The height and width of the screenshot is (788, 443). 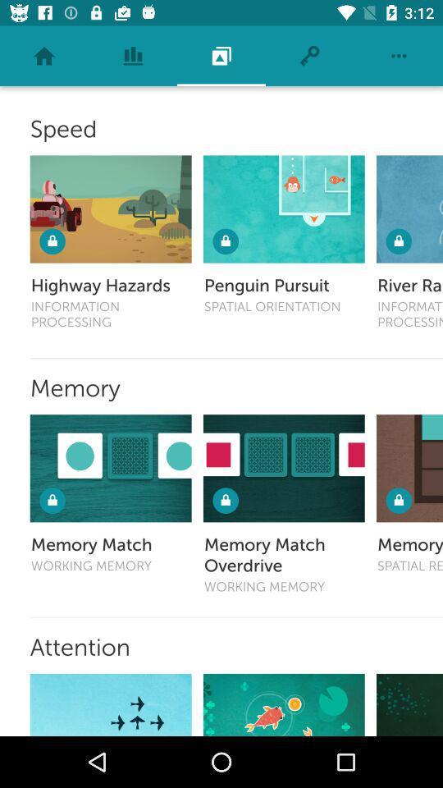 What do you see at coordinates (111, 703) in the screenshot?
I see `first attention exercise` at bounding box center [111, 703].